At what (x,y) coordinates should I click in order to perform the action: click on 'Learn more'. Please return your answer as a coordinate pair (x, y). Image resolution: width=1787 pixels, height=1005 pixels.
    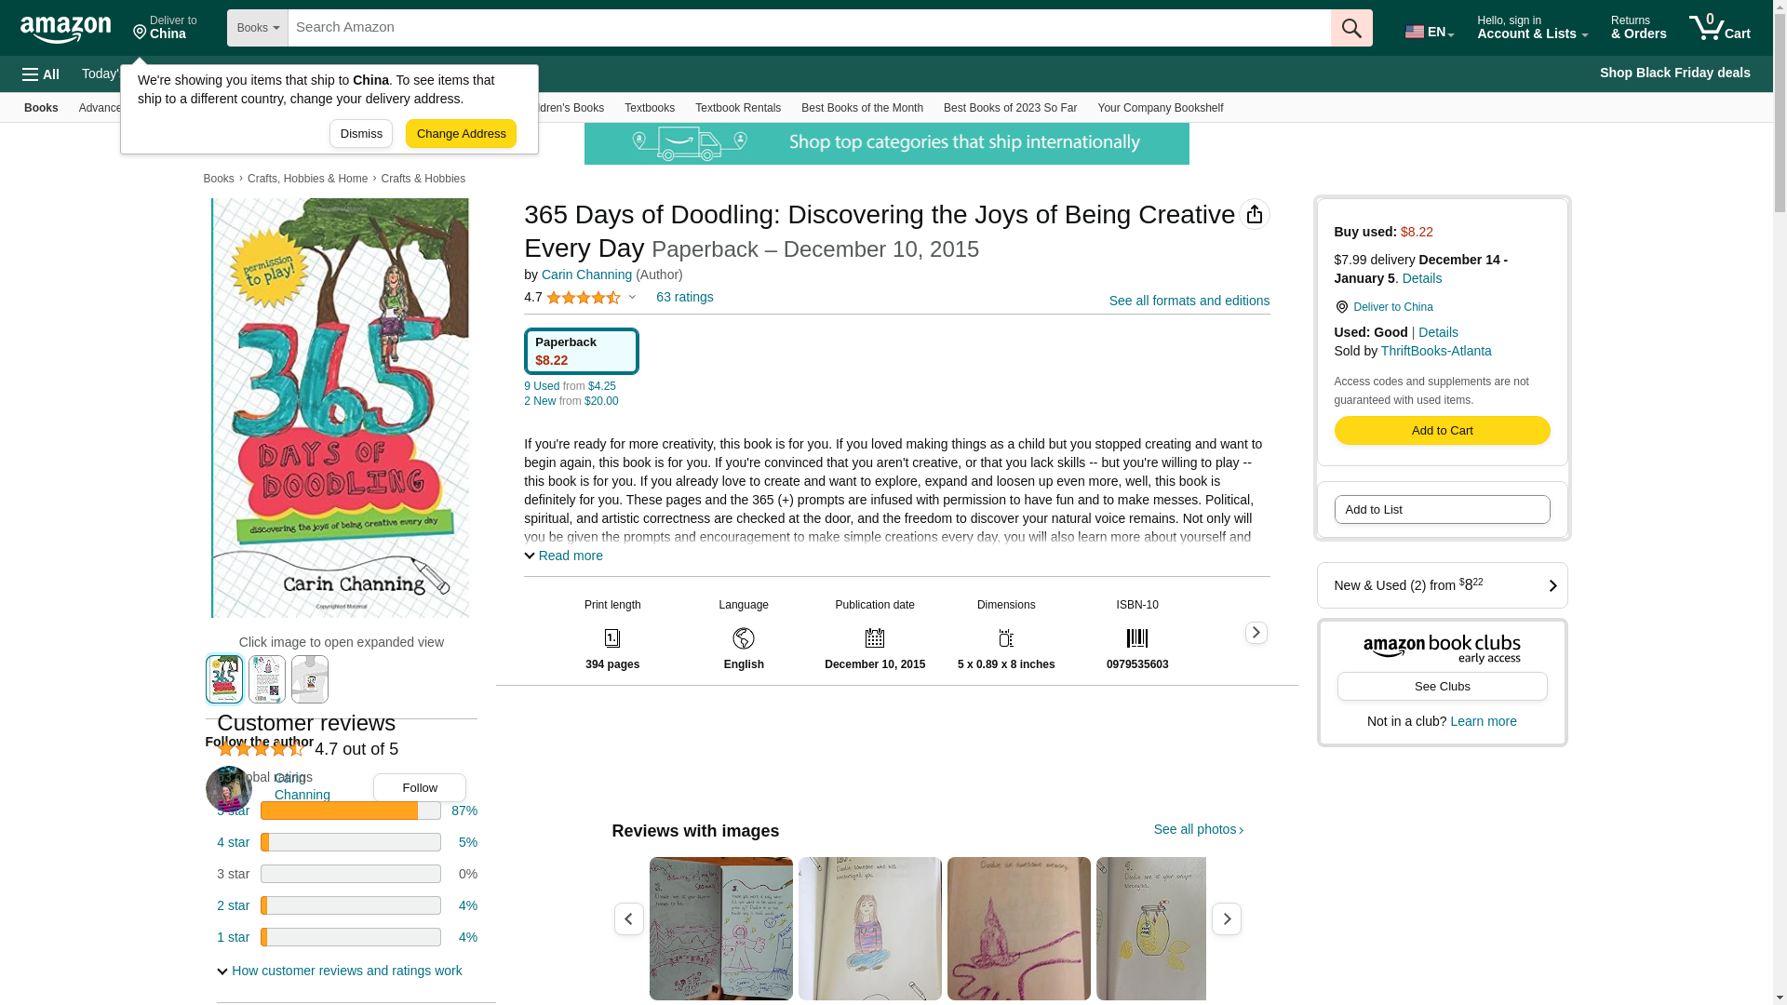
    Looking at the image, I should click on (1482, 720).